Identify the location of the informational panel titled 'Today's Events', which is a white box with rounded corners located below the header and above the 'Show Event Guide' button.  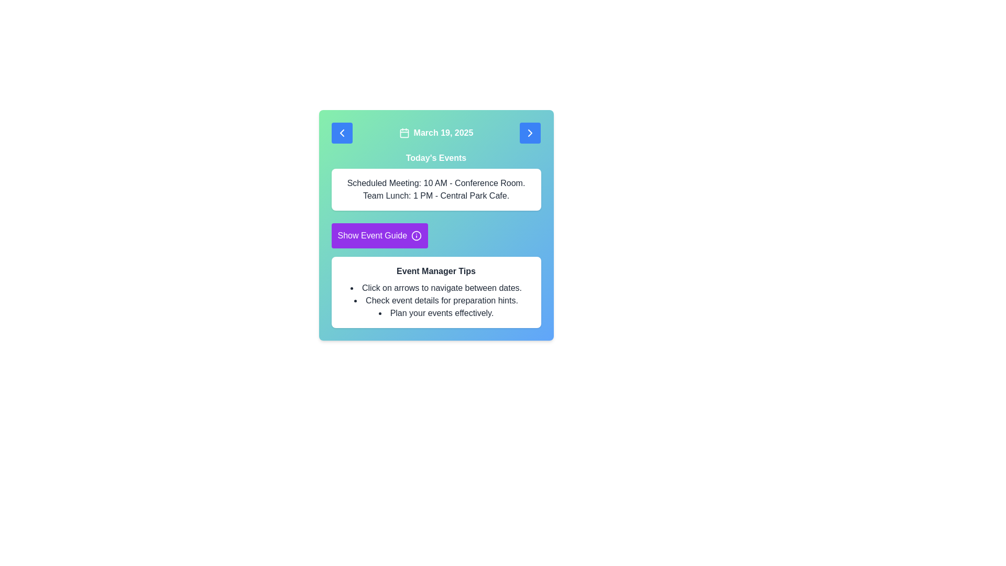
(436, 181).